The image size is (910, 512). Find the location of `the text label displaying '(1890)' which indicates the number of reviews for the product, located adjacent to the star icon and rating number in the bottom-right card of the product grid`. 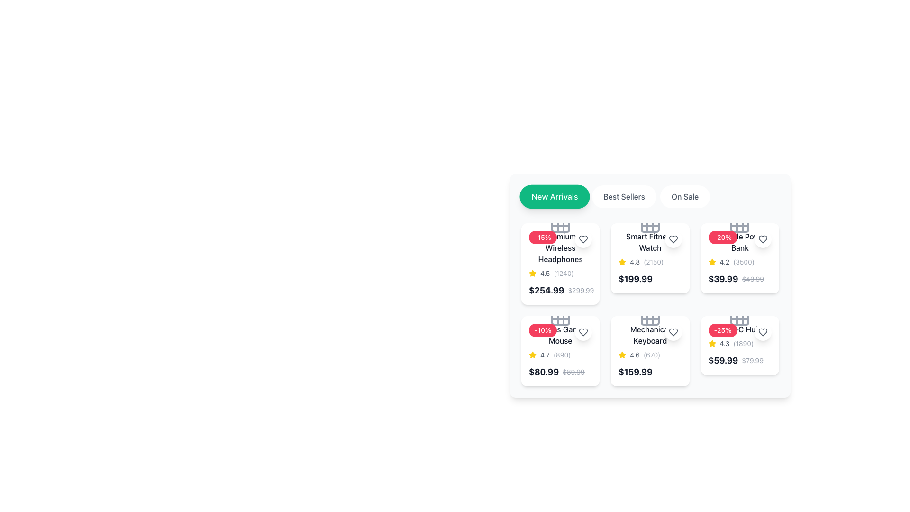

the text label displaying '(1890)' which indicates the number of reviews for the product, located adjacent to the star icon and rating number in the bottom-right card of the product grid is located at coordinates (743, 344).